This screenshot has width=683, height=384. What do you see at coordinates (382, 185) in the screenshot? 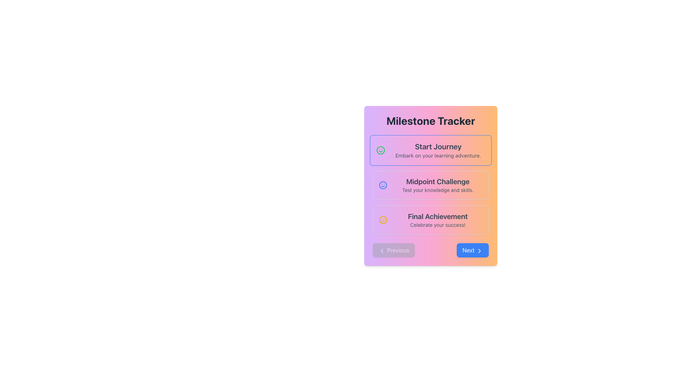
I see `the icon representing the 'Midpoint Challenge' section` at bounding box center [382, 185].